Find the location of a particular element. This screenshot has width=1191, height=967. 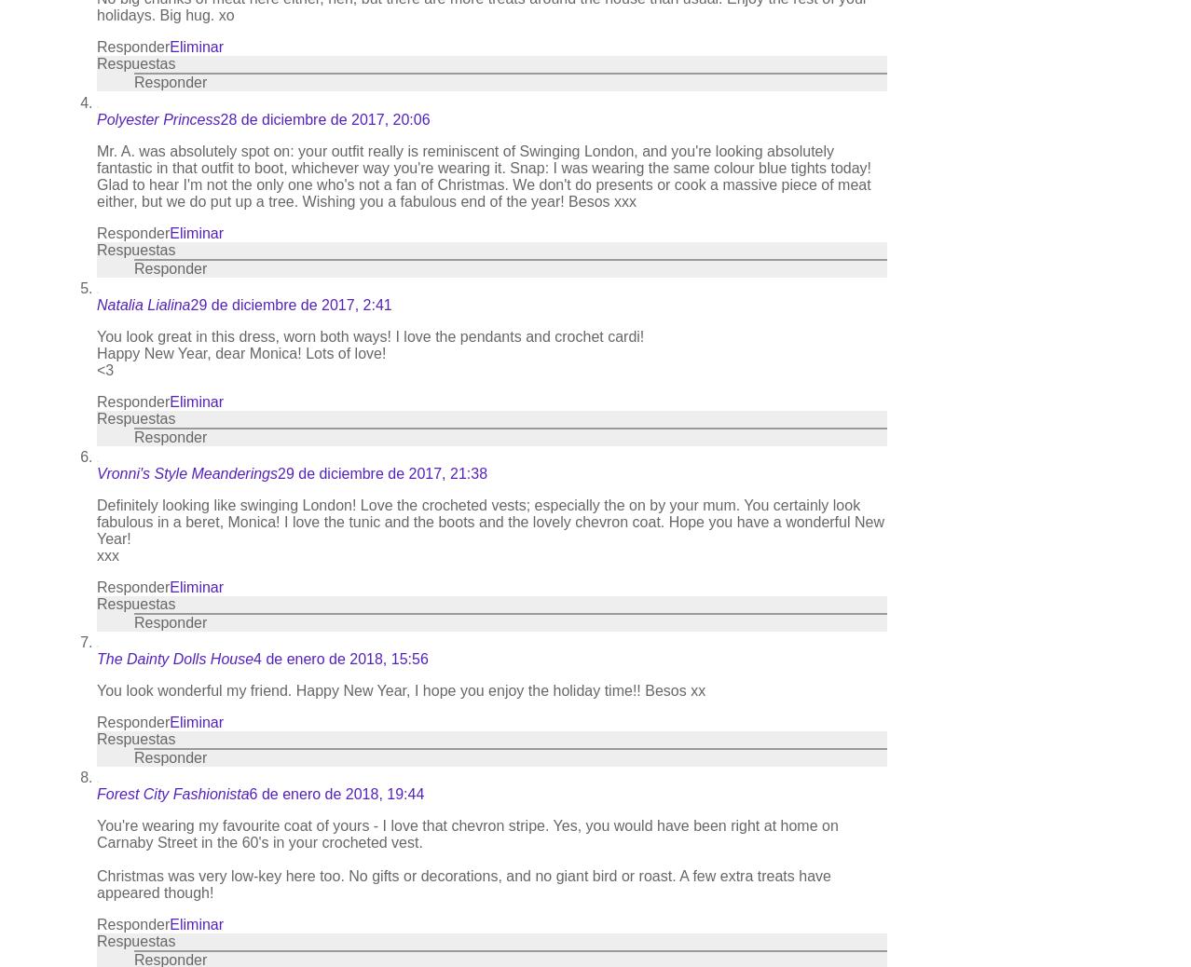

'The Dainty Dolls House' is located at coordinates (174, 658).